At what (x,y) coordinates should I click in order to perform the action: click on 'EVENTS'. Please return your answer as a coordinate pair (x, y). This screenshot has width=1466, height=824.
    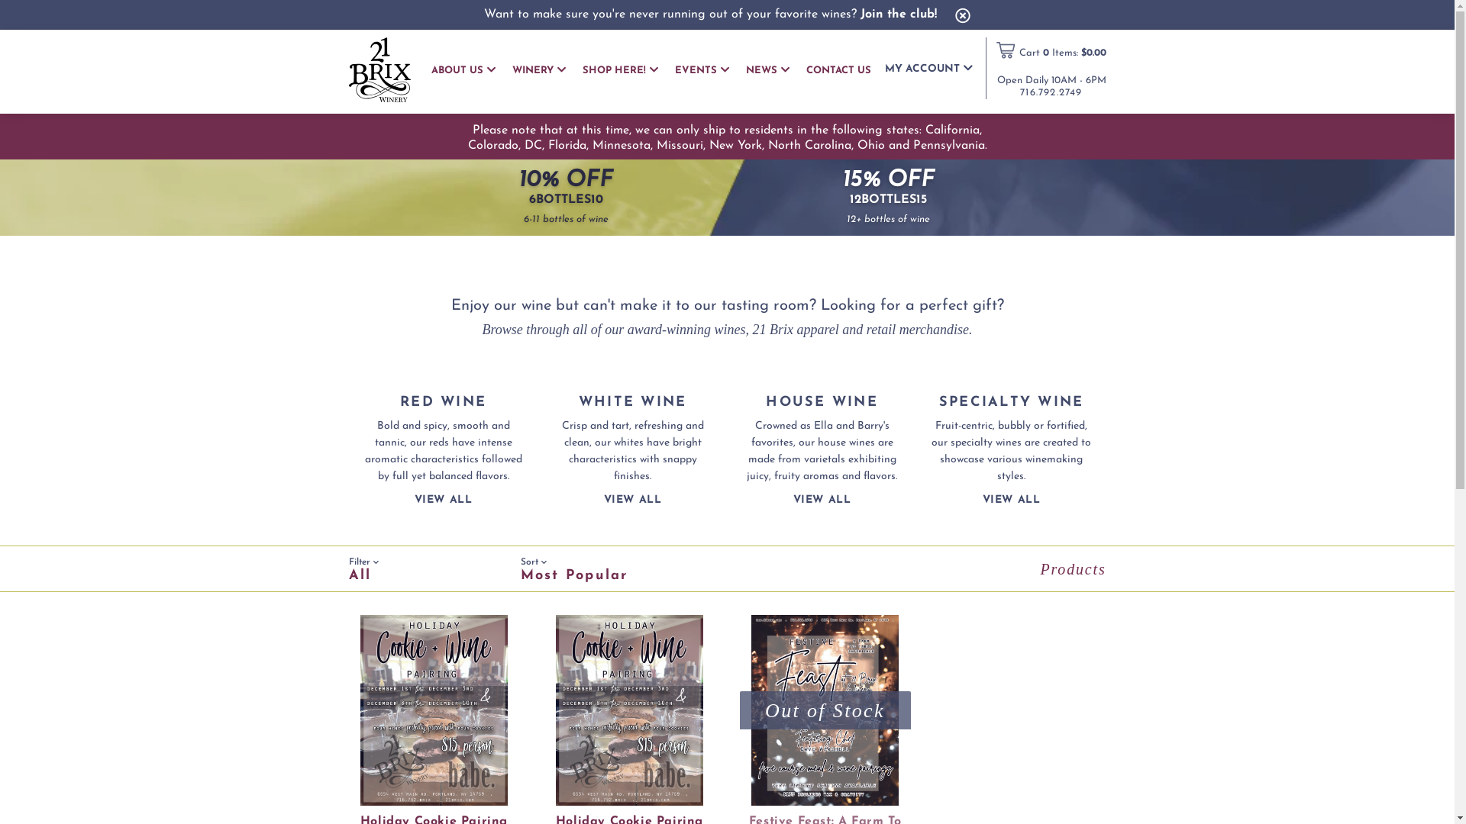
    Looking at the image, I should click on (701, 70).